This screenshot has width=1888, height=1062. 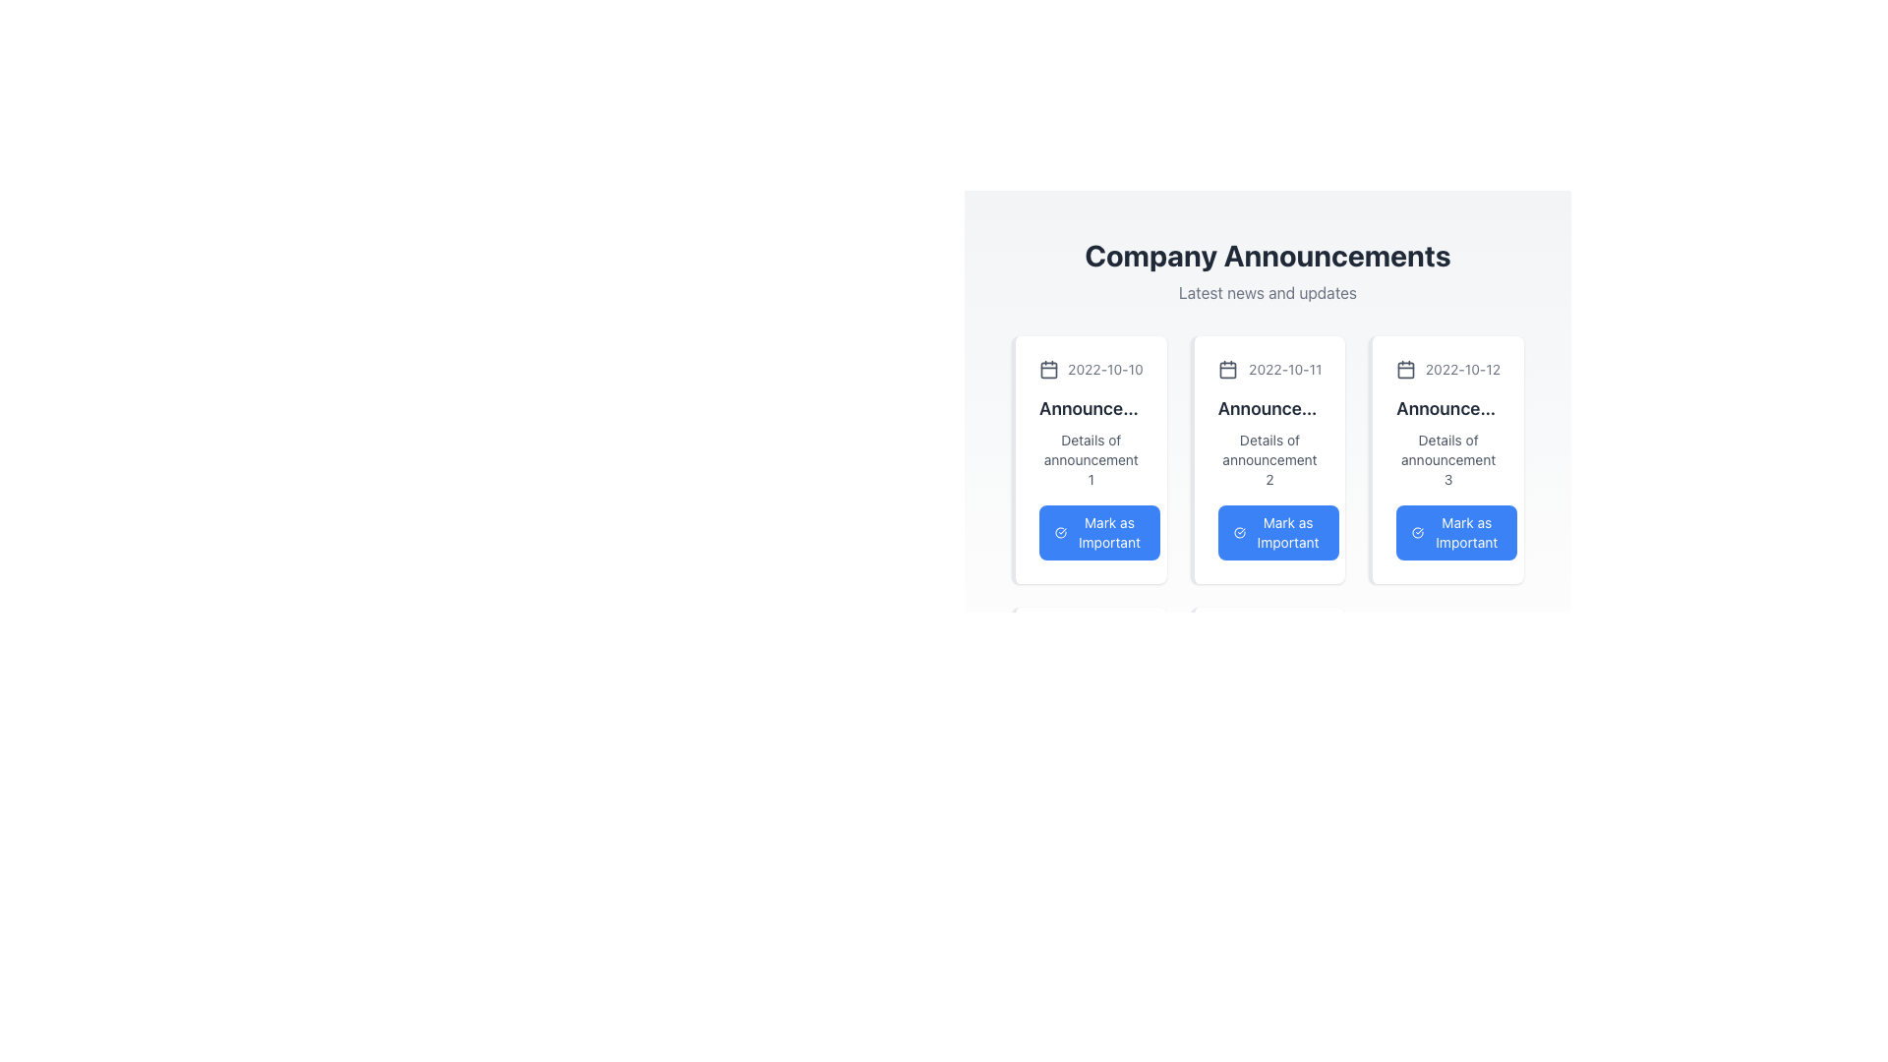 What do you see at coordinates (1226, 369) in the screenshot?
I see `the calendar icon representing the date '2022-10-11' in the middle column of the announcements card` at bounding box center [1226, 369].